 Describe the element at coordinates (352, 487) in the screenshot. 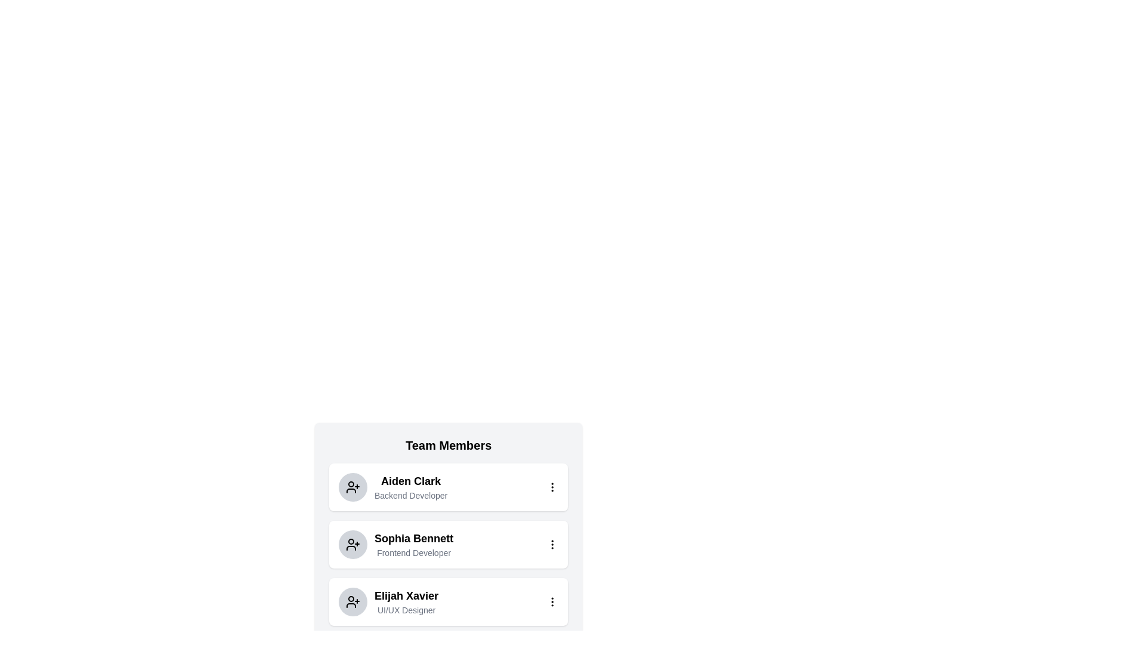

I see `the circular button with a person and plus icon, located to the left of the text for 'Aiden Clark, Backend Developer'` at that location.